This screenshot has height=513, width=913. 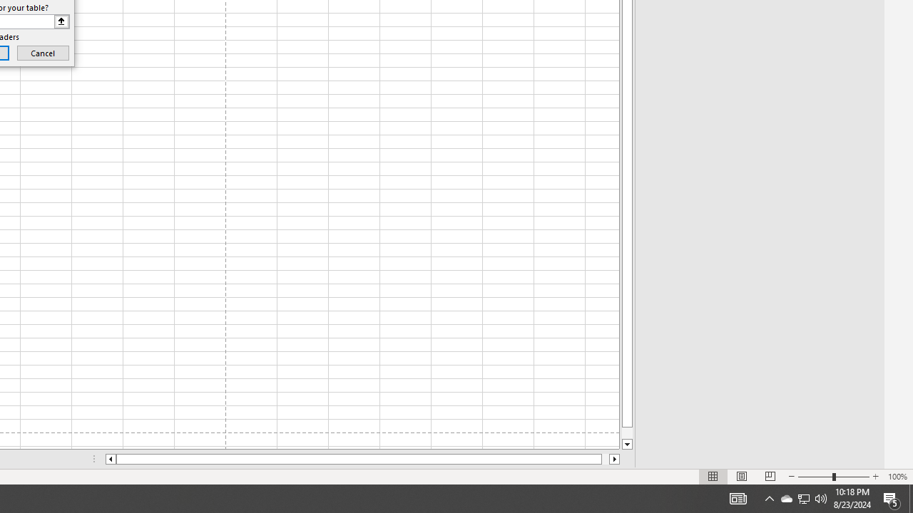 I want to click on 'Normal', so click(x=713, y=477).